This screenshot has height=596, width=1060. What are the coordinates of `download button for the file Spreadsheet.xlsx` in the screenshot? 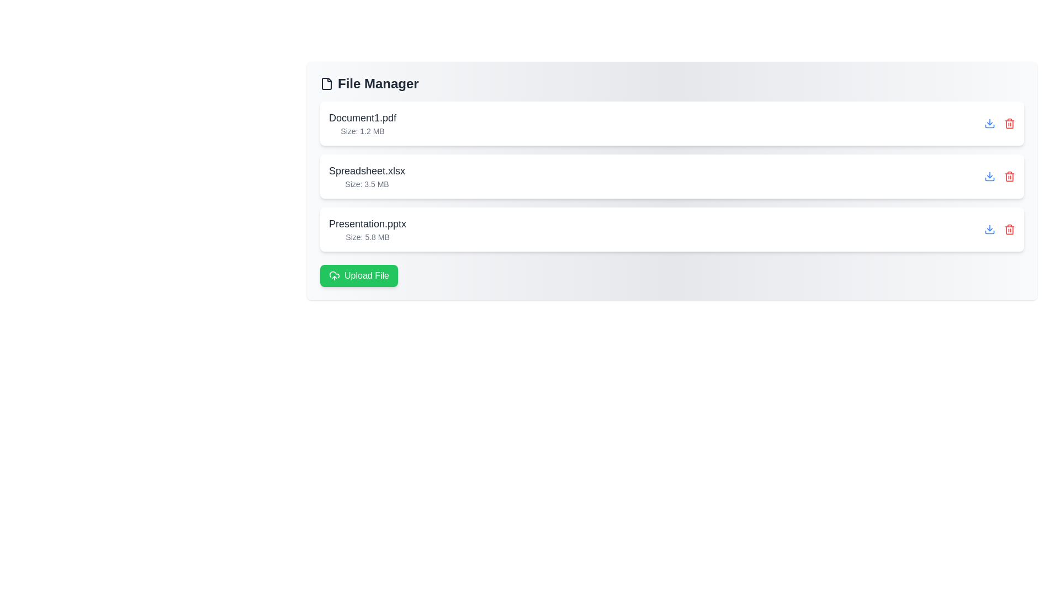 It's located at (990, 176).